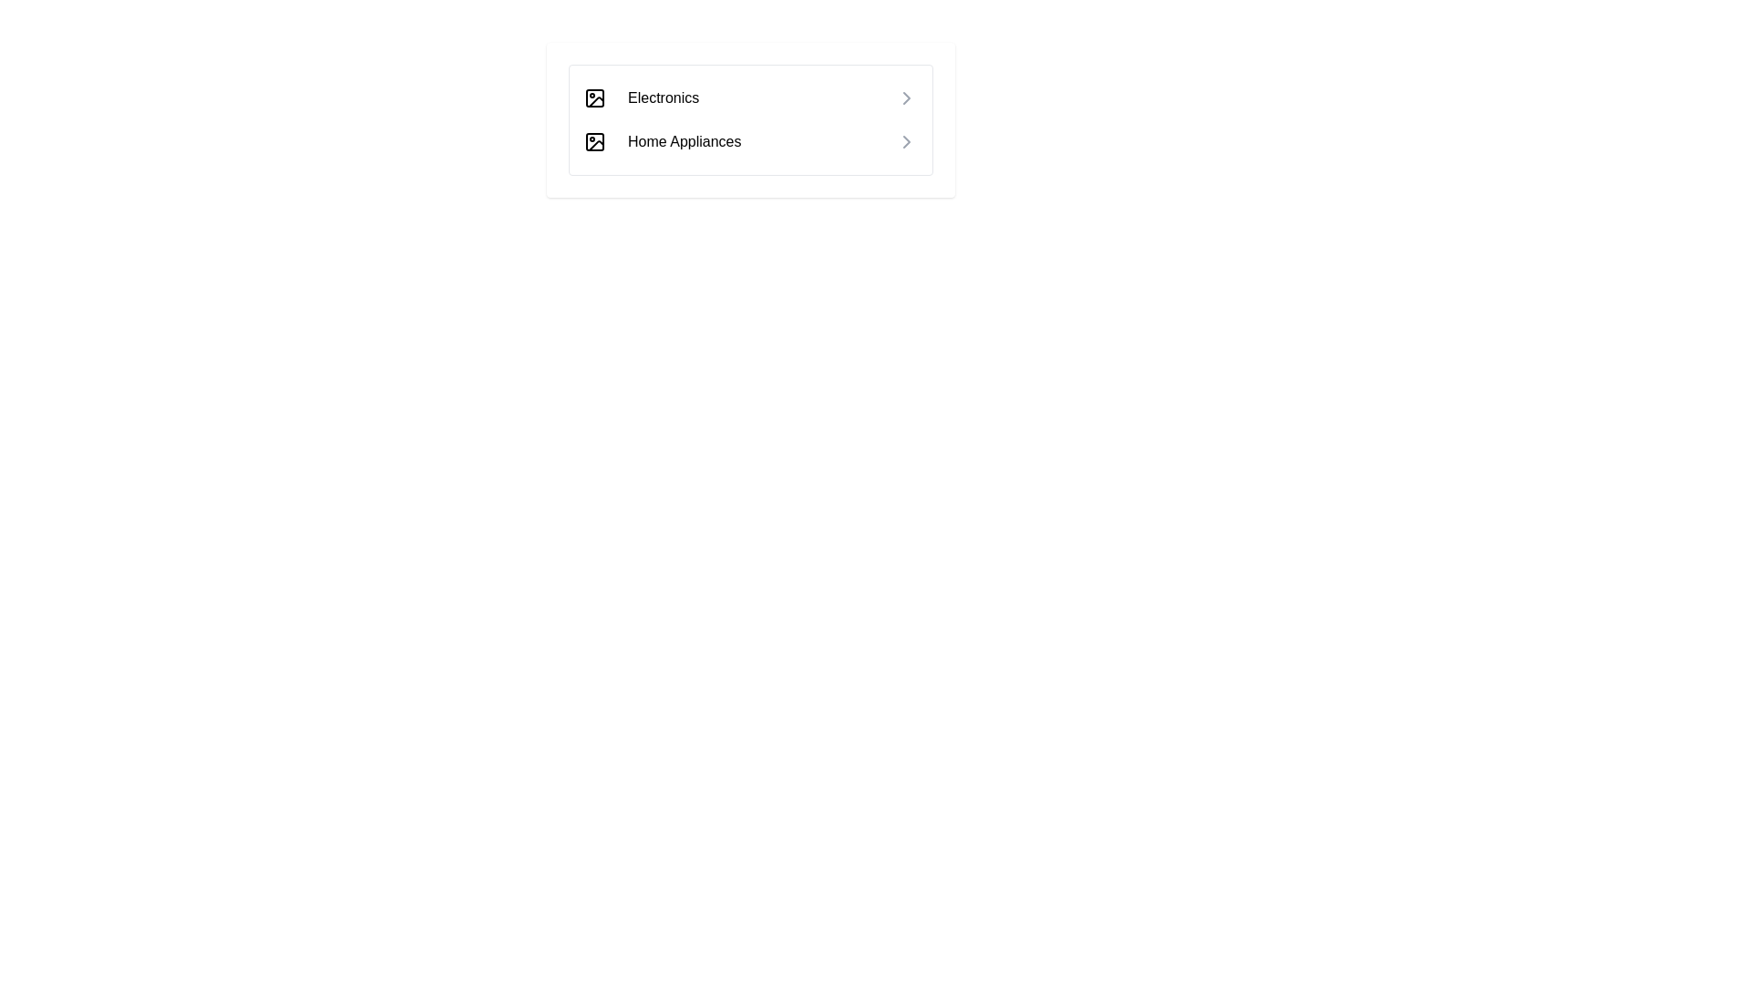 The width and height of the screenshot is (1750, 984). I want to click on the 'Electronics' item in the navigation menu, so click(751, 119).